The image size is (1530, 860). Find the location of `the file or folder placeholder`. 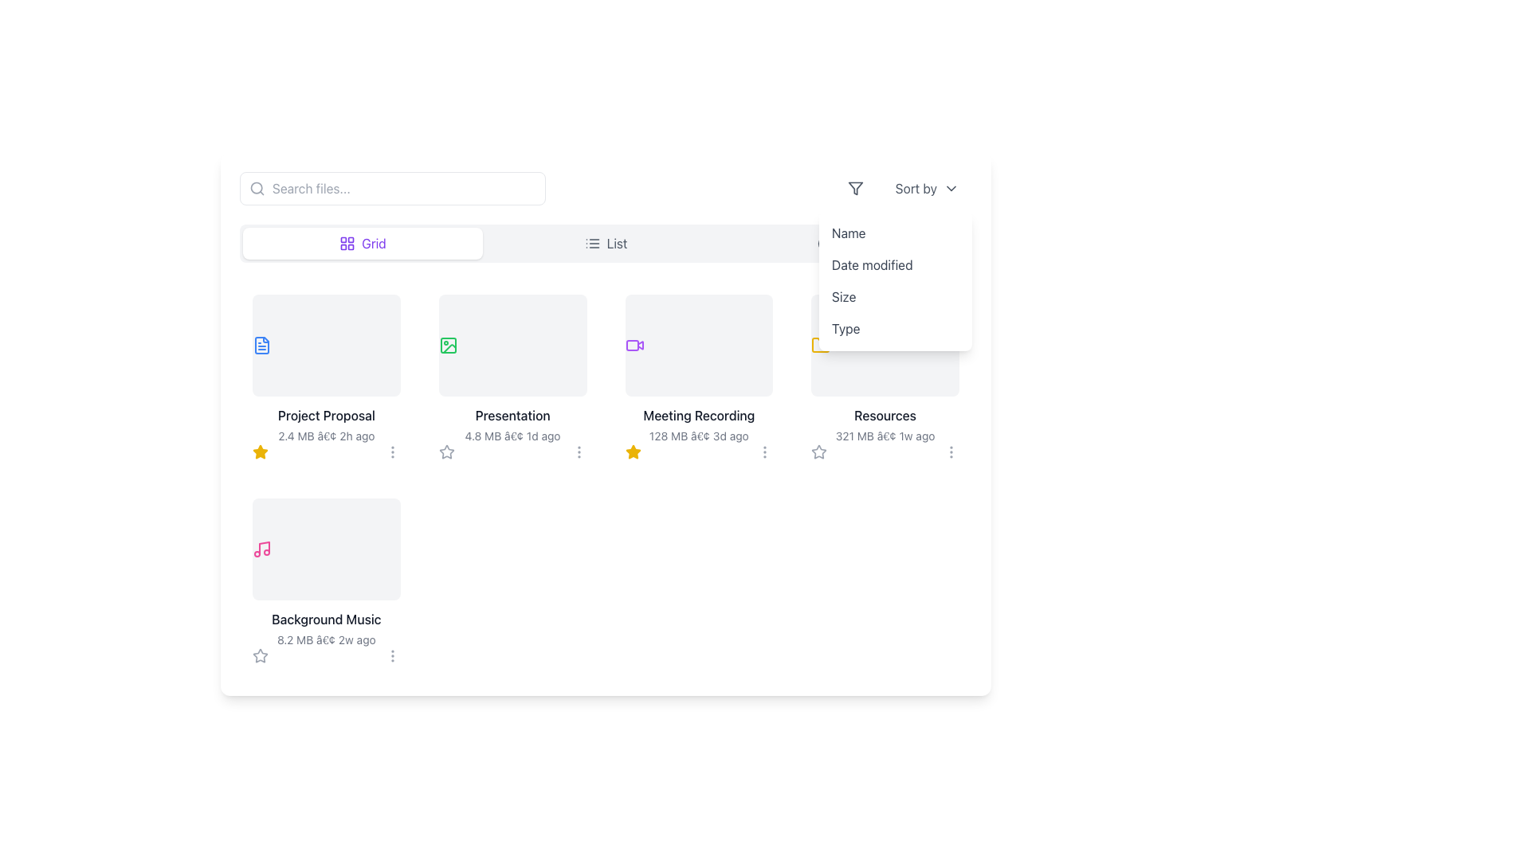

the file or folder placeholder is located at coordinates (512, 345).